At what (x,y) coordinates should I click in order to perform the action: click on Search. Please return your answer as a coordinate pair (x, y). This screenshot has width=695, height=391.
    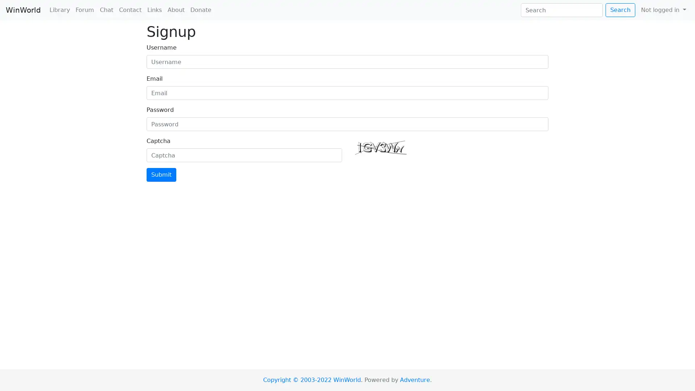
    Looking at the image, I should click on (620, 10).